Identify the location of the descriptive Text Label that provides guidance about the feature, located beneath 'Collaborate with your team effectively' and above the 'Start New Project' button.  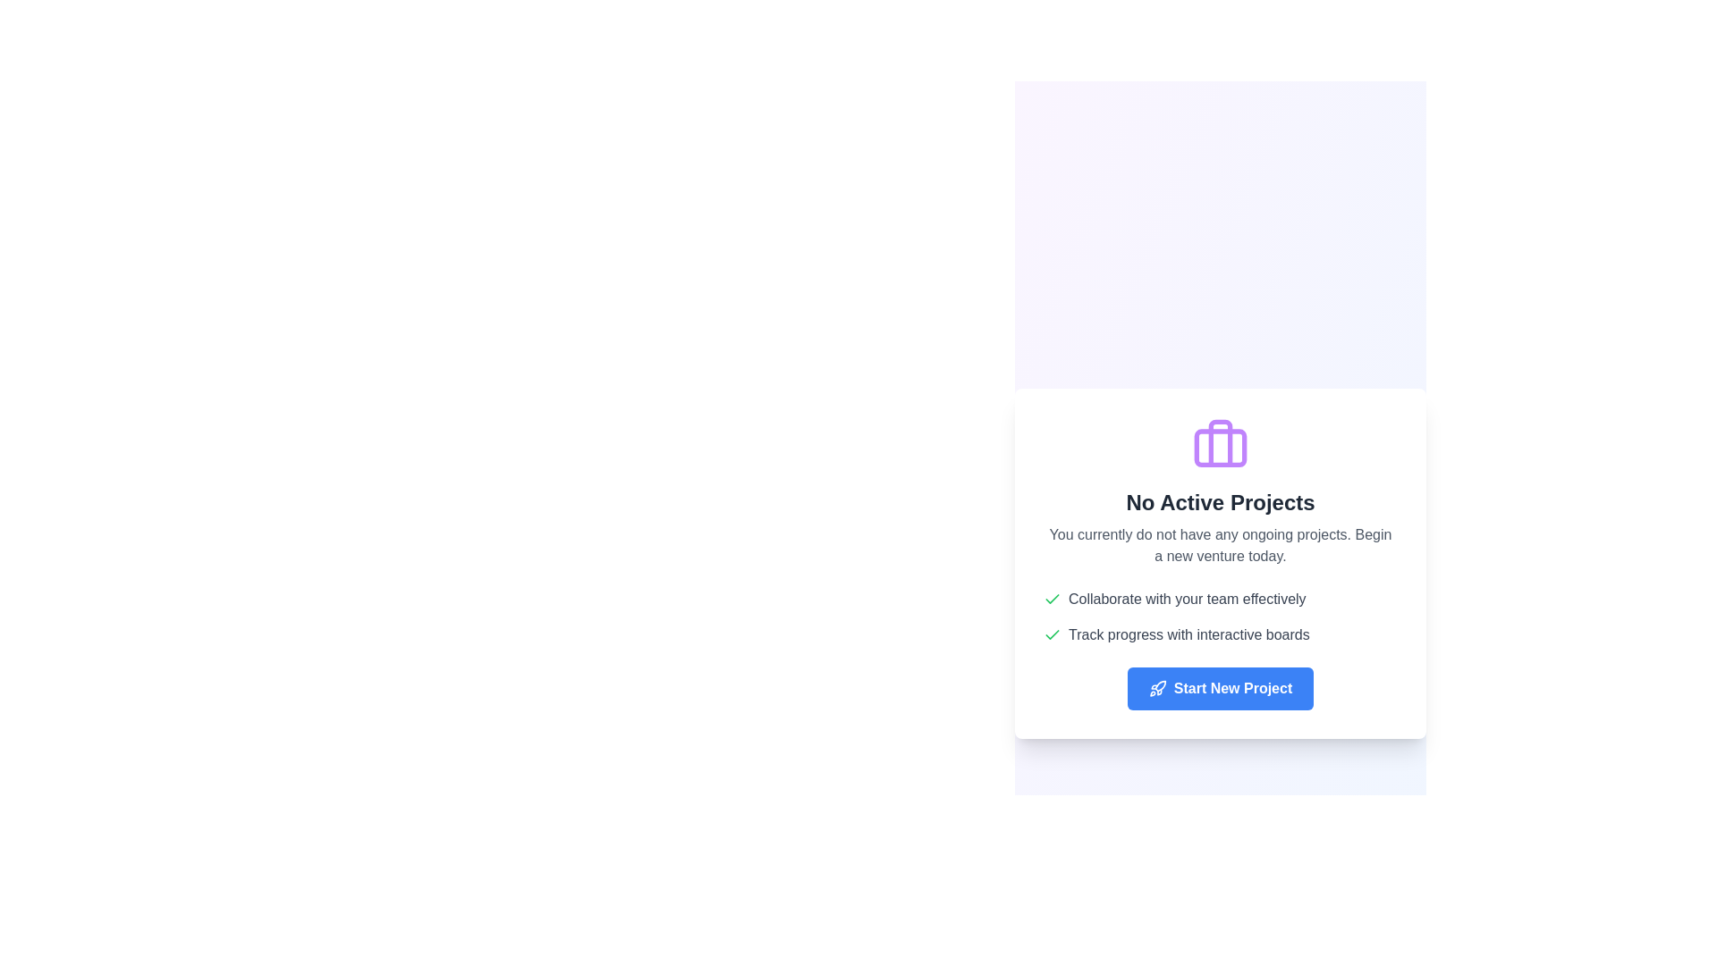
(1188, 634).